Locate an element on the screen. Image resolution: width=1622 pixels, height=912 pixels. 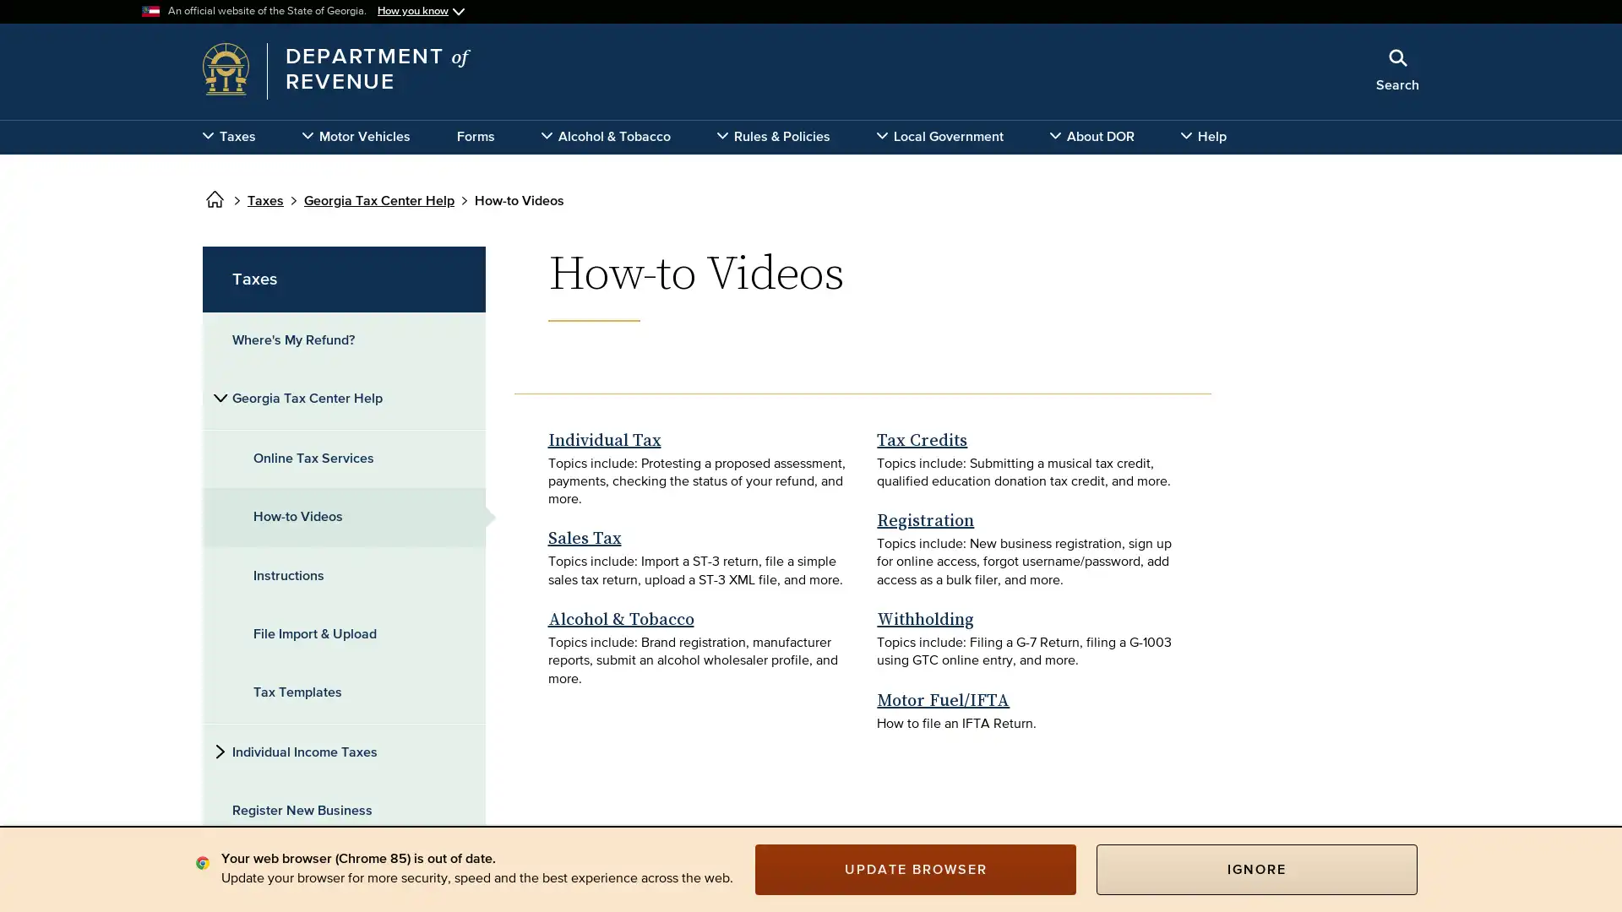
Side subnavigation toggle for 'Georgia Tax Center Help' is located at coordinates (219, 400).